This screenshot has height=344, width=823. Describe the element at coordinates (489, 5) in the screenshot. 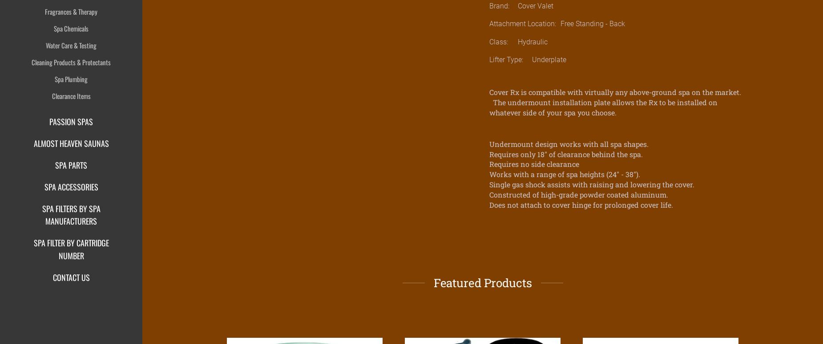

I see `'Brand:'` at that location.